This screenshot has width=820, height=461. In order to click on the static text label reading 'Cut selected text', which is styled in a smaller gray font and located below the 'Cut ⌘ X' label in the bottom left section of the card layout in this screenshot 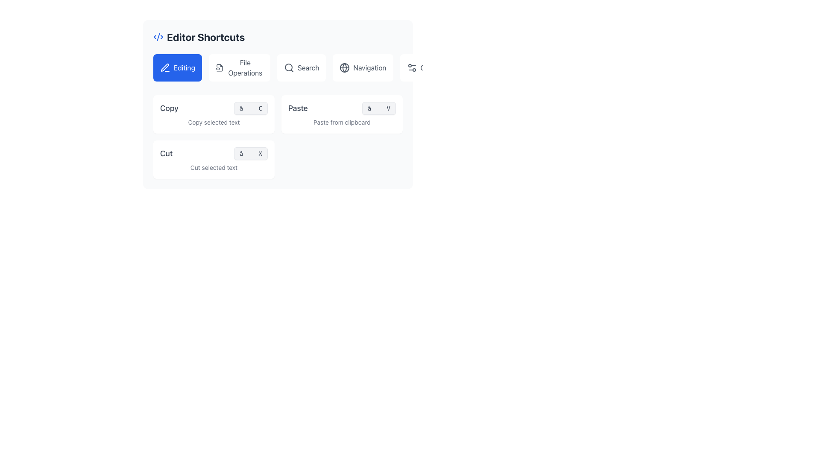, I will do `click(214, 168)`.